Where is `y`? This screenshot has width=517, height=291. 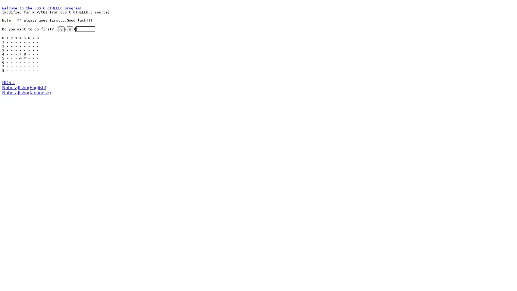 y is located at coordinates (61, 29).